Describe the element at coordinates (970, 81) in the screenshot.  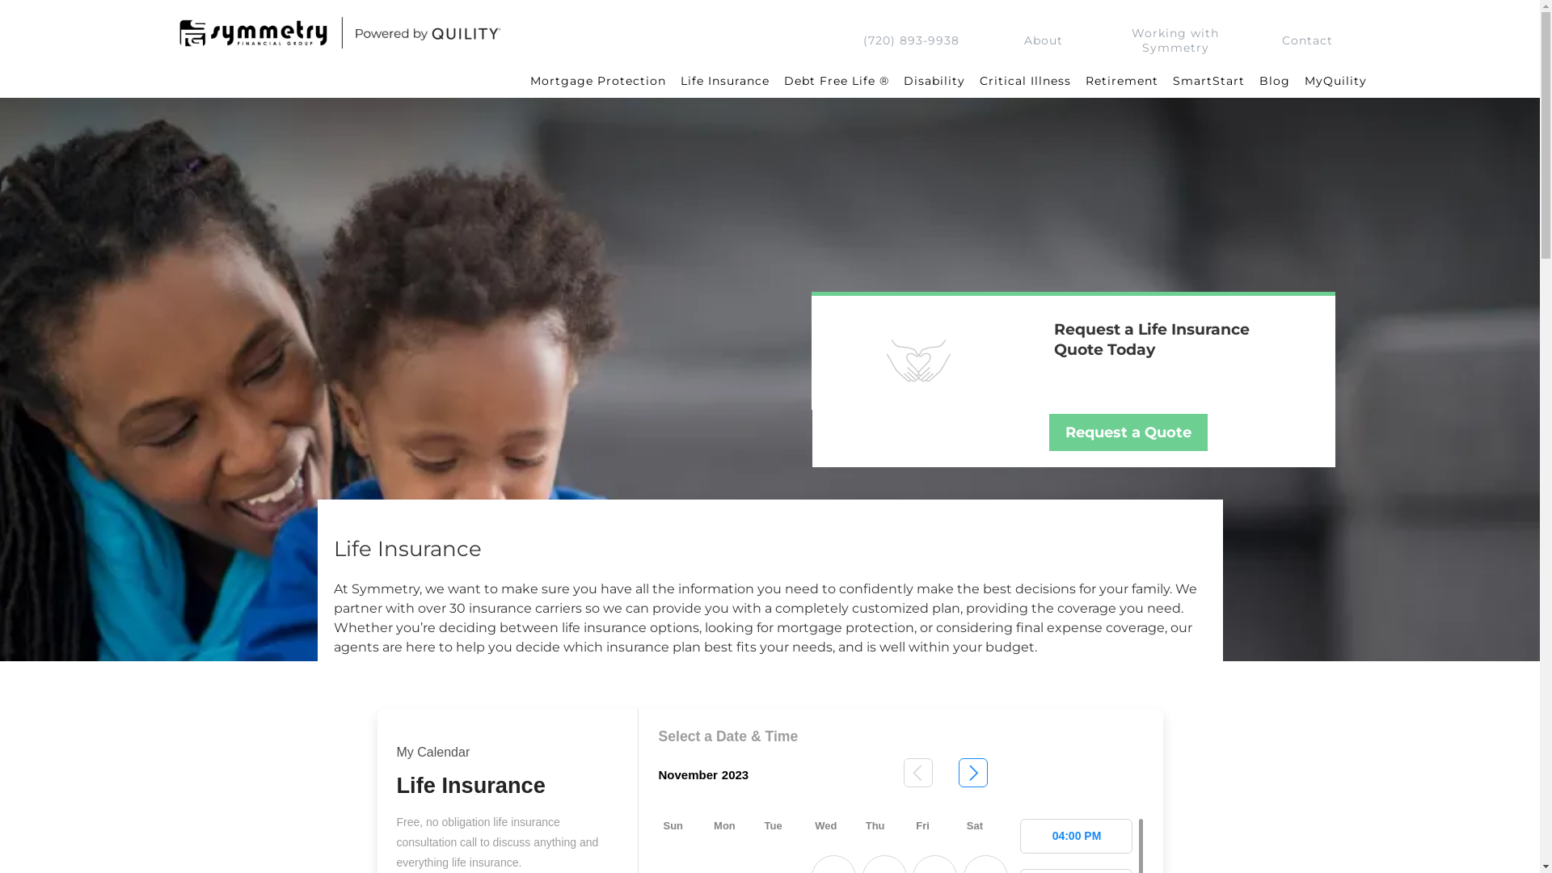
I see `'Critical Illness'` at that location.